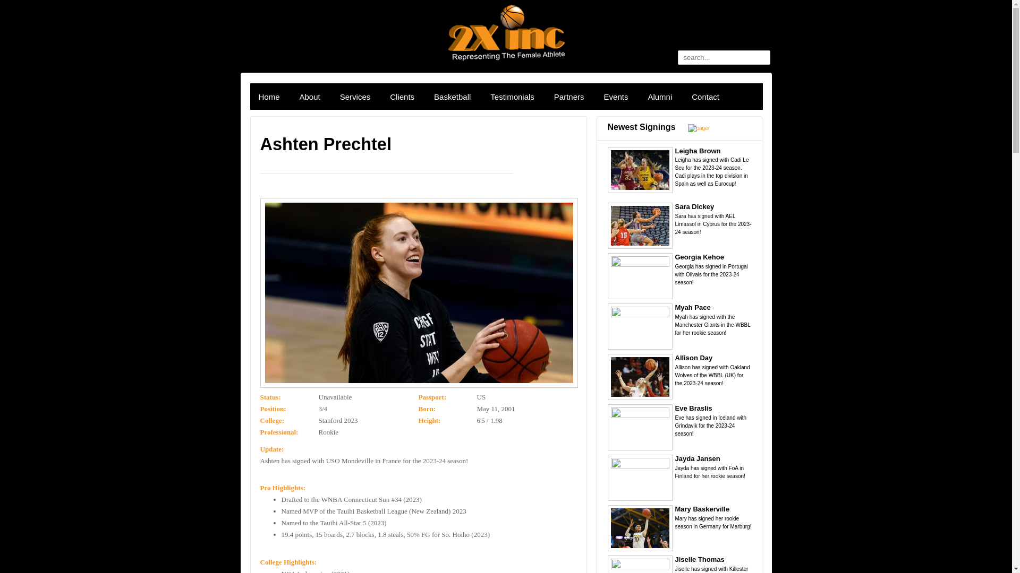 The image size is (1020, 573). I want to click on 'Jiselle Thomas', so click(699, 559).